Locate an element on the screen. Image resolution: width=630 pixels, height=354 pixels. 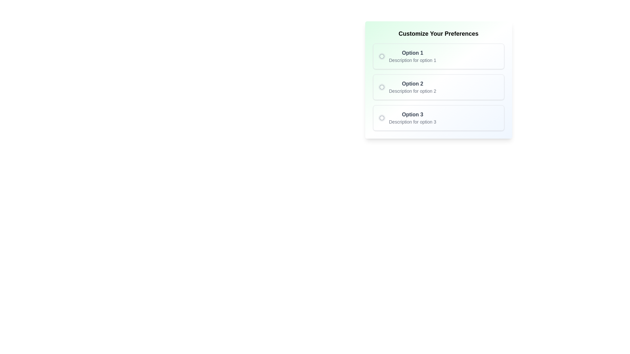
the radio button for 'Option 3' is located at coordinates (382, 117).